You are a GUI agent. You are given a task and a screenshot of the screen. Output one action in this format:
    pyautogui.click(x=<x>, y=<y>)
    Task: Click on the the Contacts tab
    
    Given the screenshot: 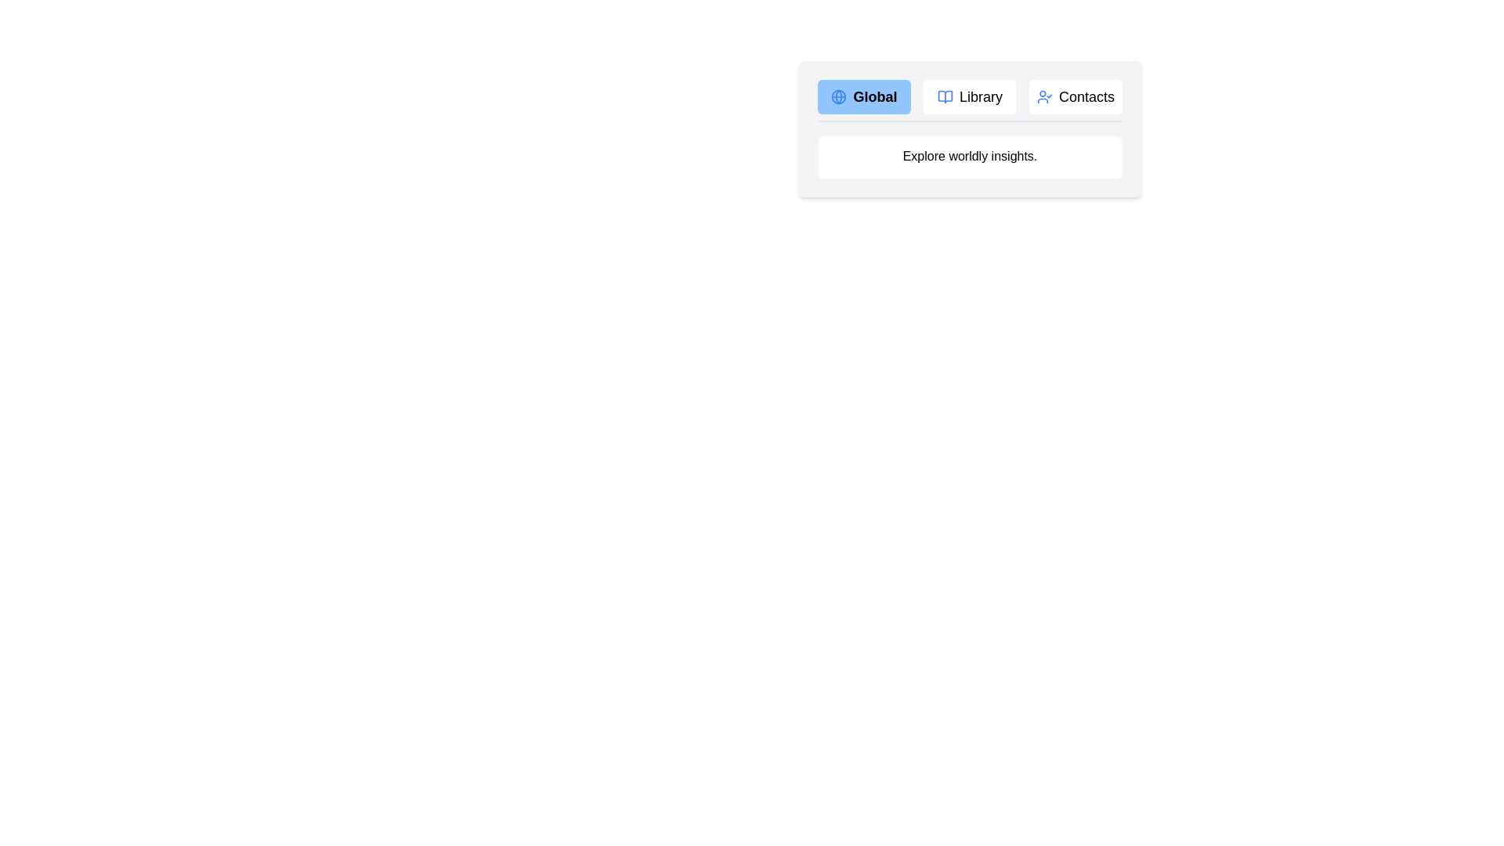 What is the action you would take?
    pyautogui.click(x=1075, y=96)
    